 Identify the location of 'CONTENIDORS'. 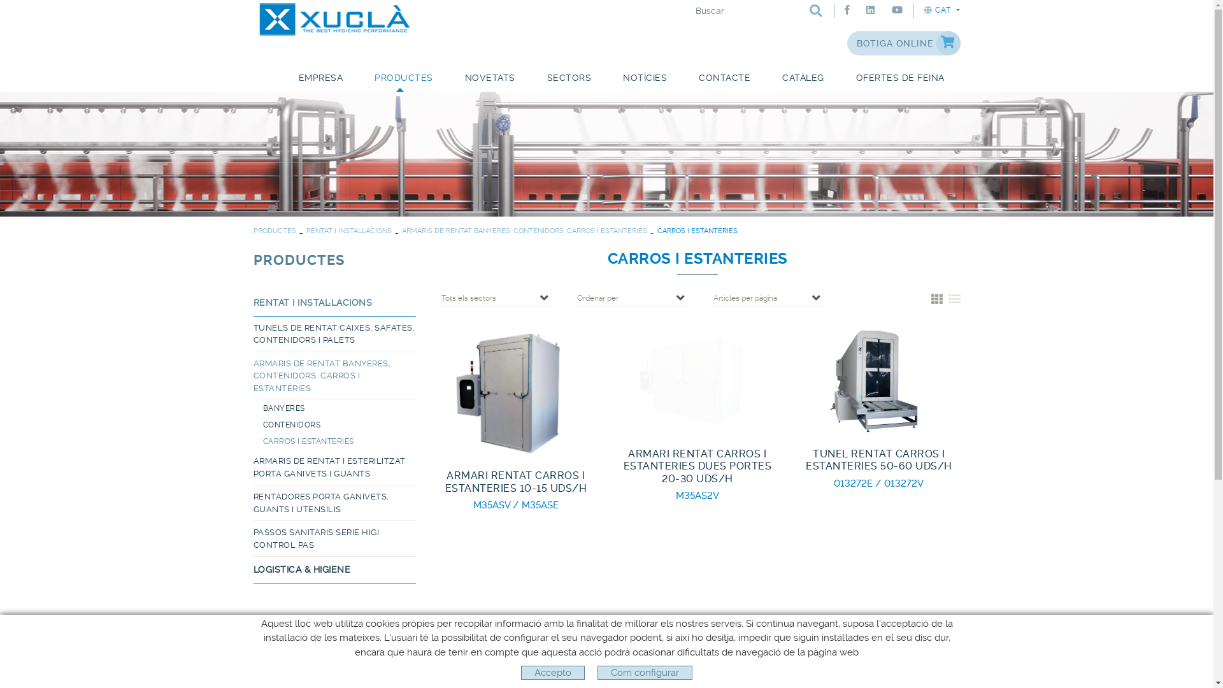
(339, 425).